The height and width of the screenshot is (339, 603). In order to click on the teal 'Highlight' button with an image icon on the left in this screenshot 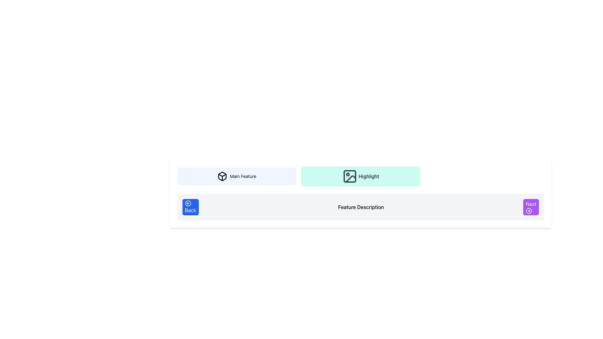, I will do `click(361, 176)`.